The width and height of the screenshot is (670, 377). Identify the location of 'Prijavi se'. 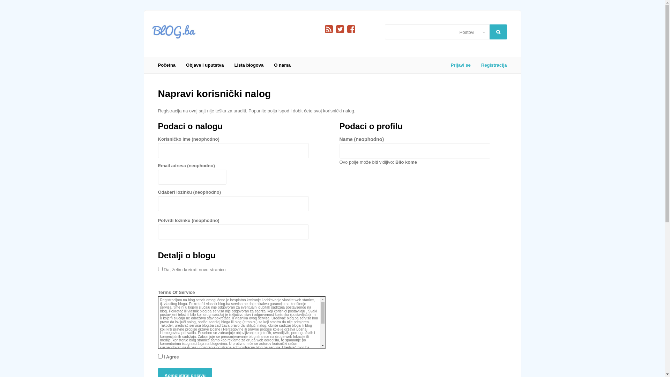
(29, 107).